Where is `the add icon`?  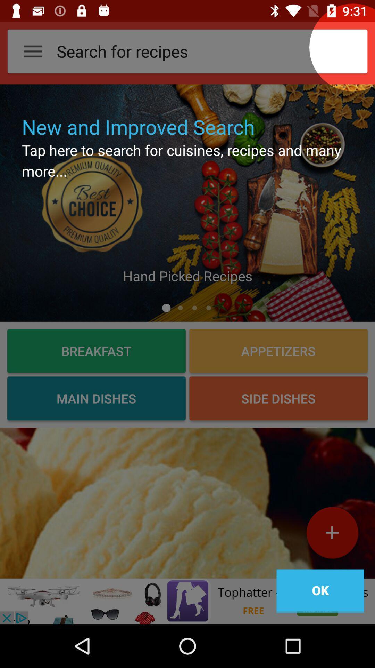
the add icon is located at coordinates (332, 535).